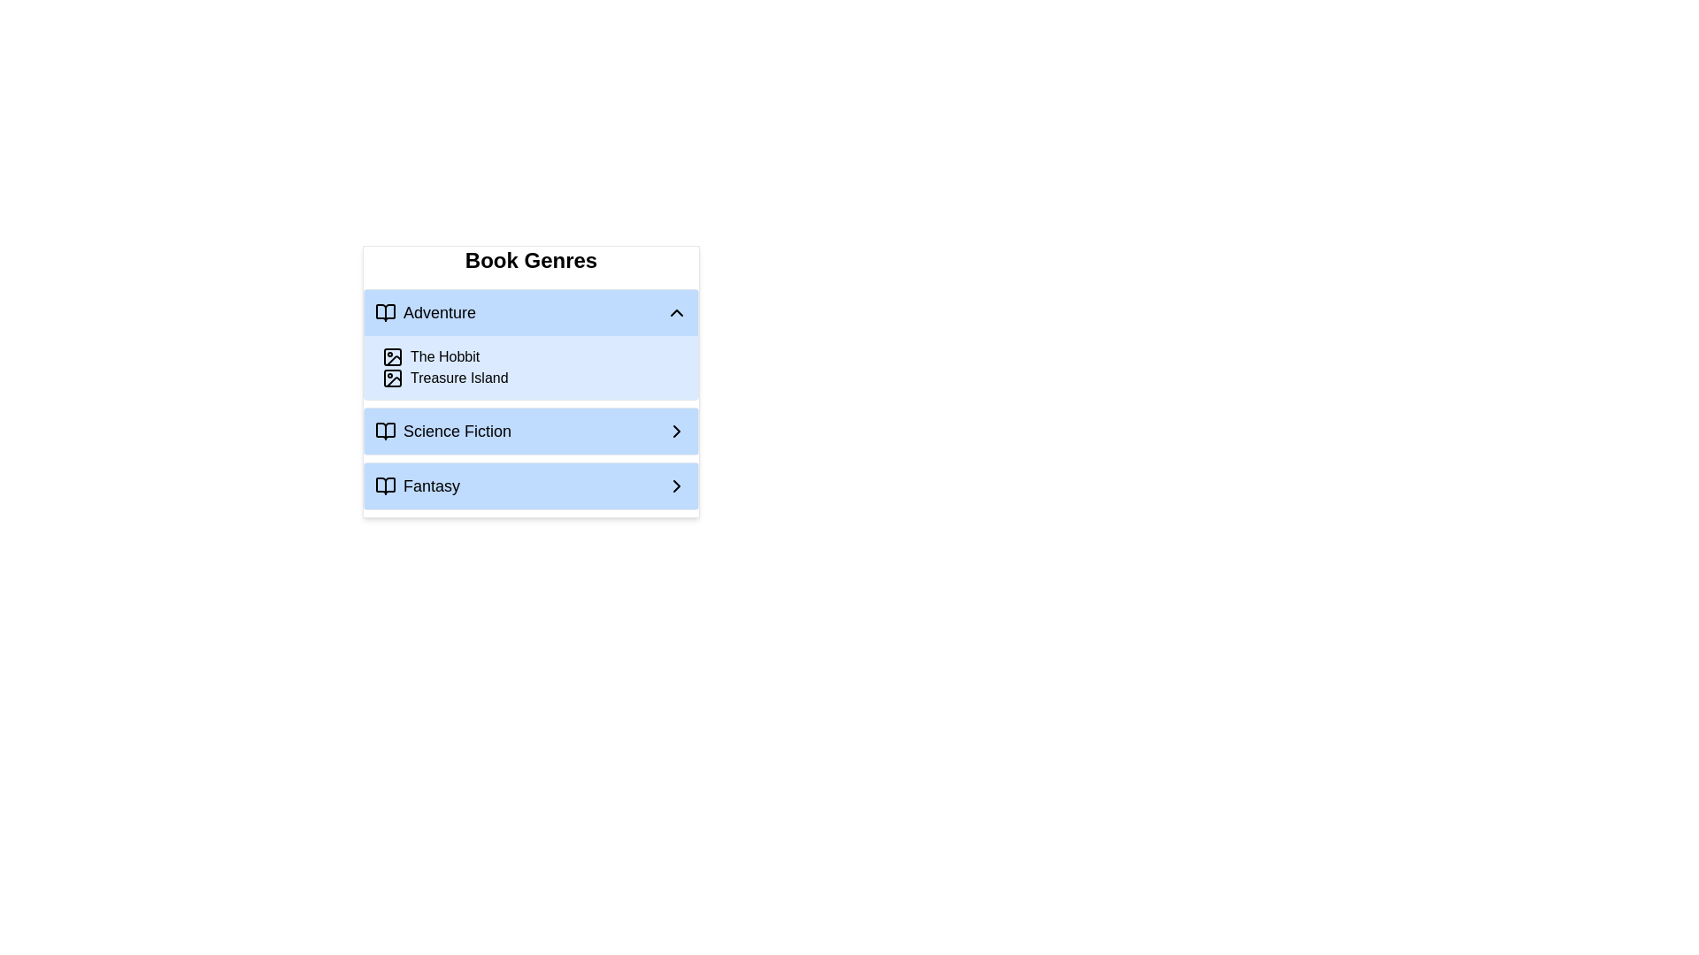 Image resolution: width=1699 pixels, height=955 pixels. Describe the element at coordinates (443, 432) in the screenshot. I see `the second item in the 'Book Genres' list, which represents the 'Science Fiction' category` at that location.